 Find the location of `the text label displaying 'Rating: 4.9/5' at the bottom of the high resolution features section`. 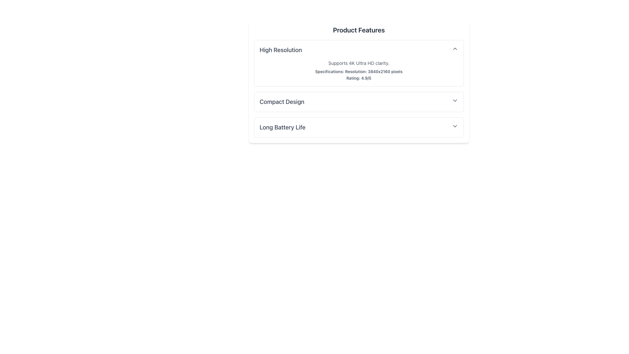

the text label displaying 'Rating: 4.9/5' at the bottom of the high resolution features section is located at coordinates (358, 78).